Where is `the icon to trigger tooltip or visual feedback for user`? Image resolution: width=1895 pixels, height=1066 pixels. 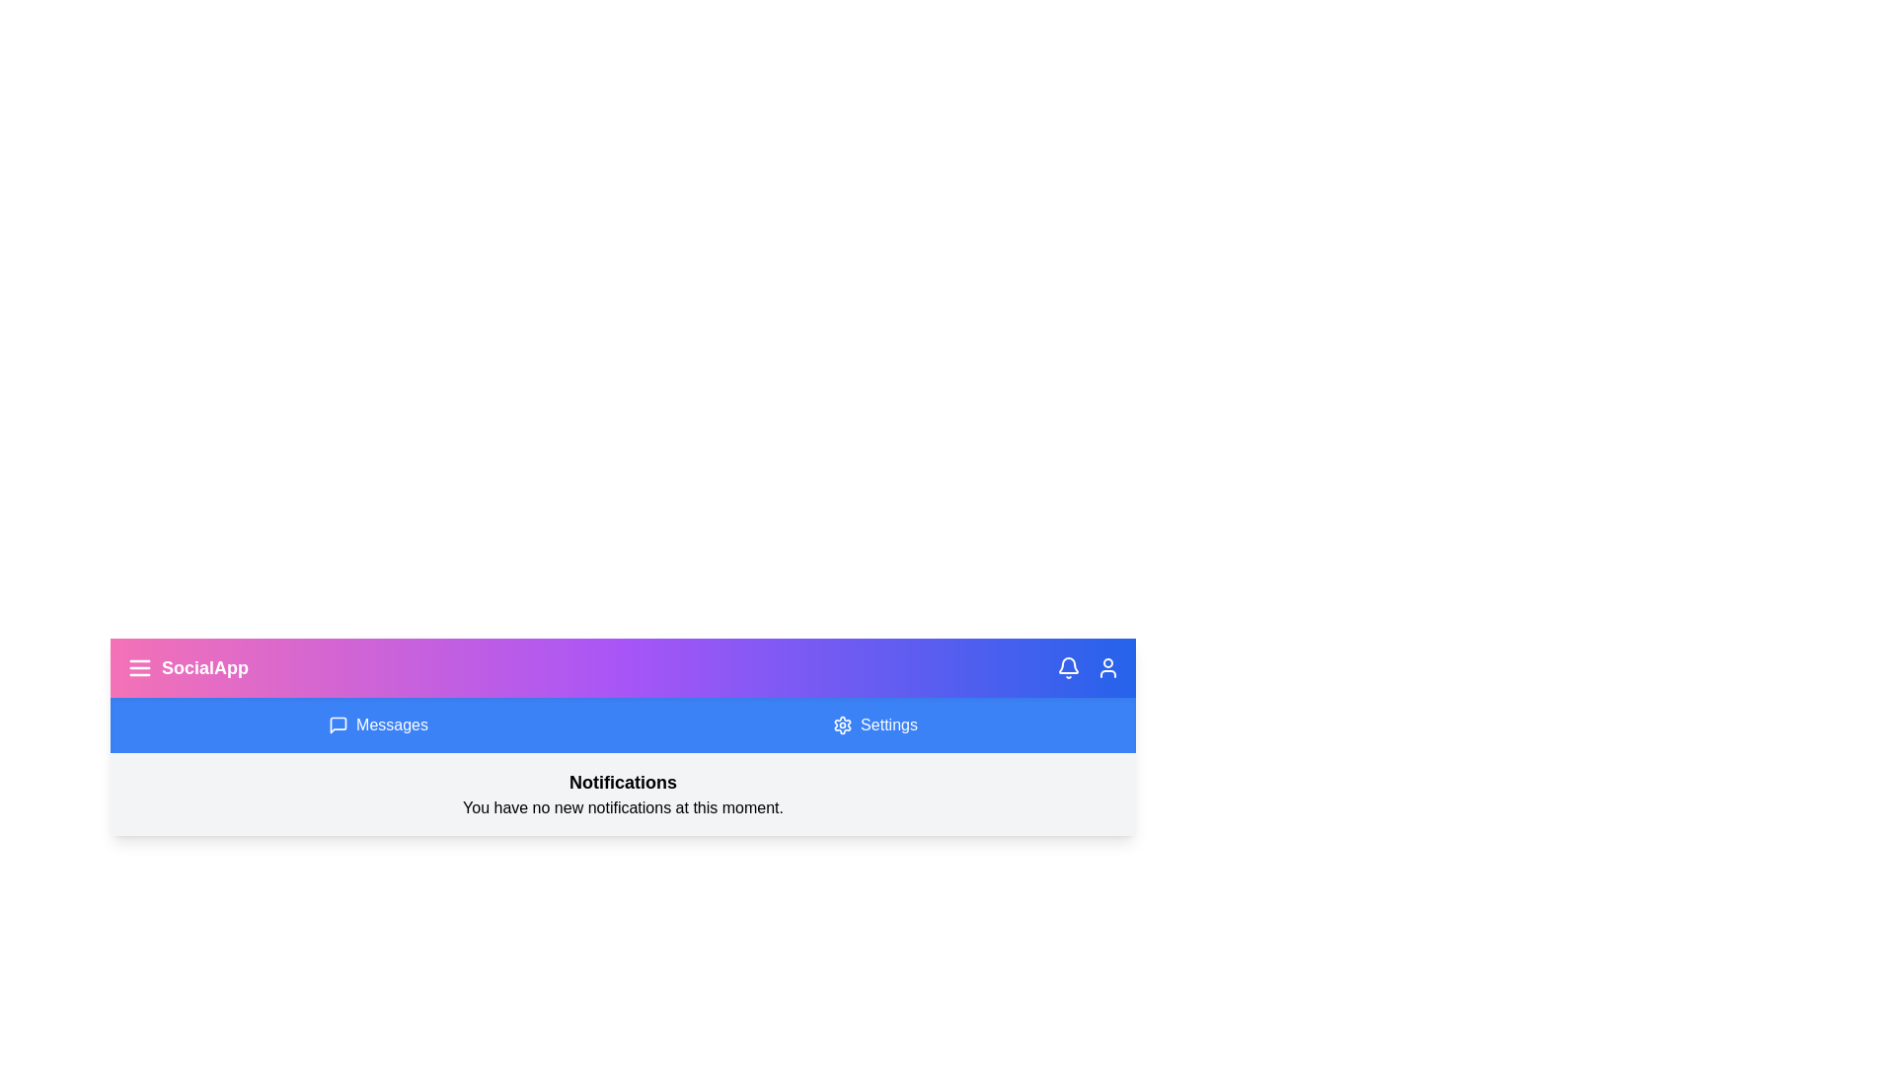 the icon to trigger tooltip or visual feedback for user is located at coordinates (1108, 667).